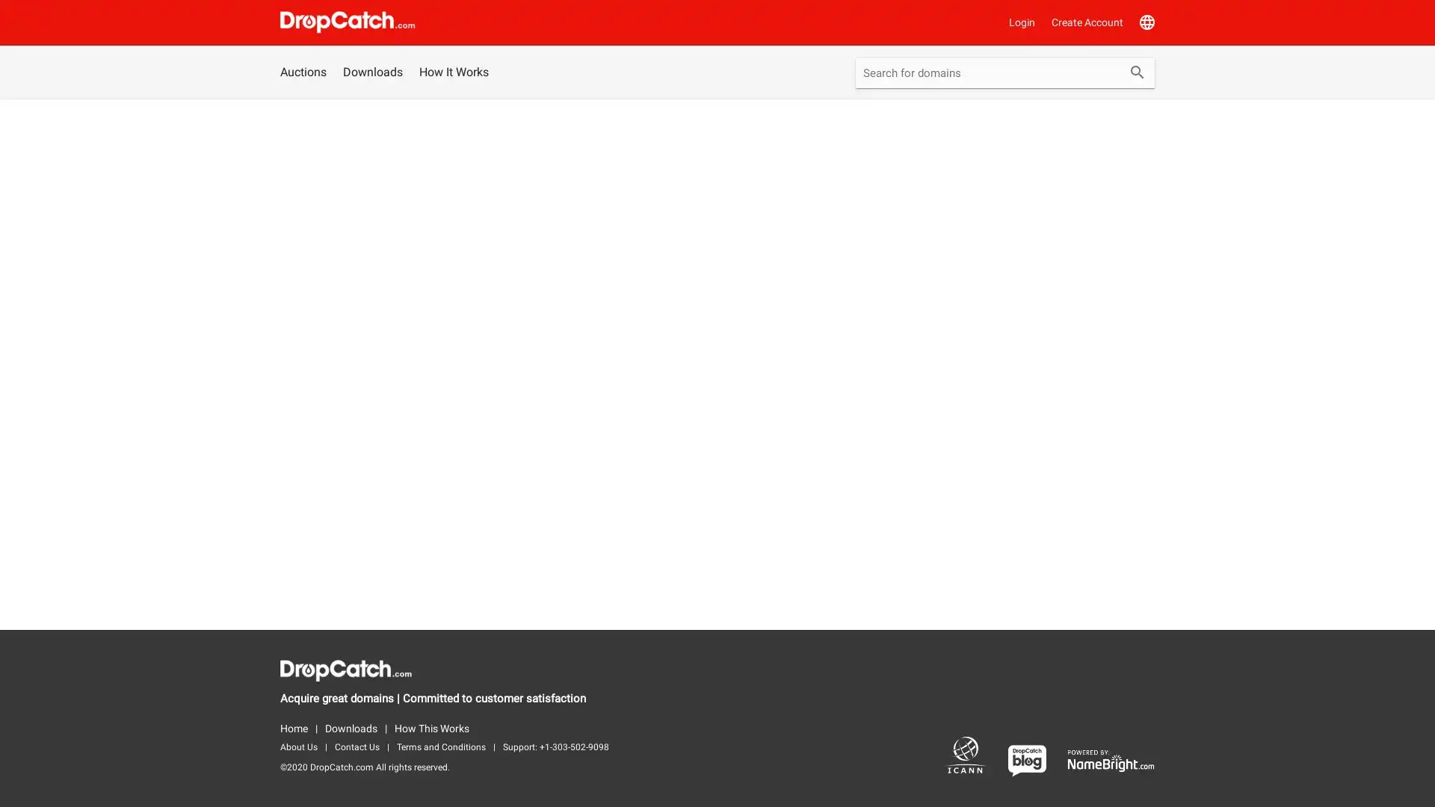 Image resolution: width=1435 pixels, height=807 pixels. I want to click on Bid, so click(1123, 465).